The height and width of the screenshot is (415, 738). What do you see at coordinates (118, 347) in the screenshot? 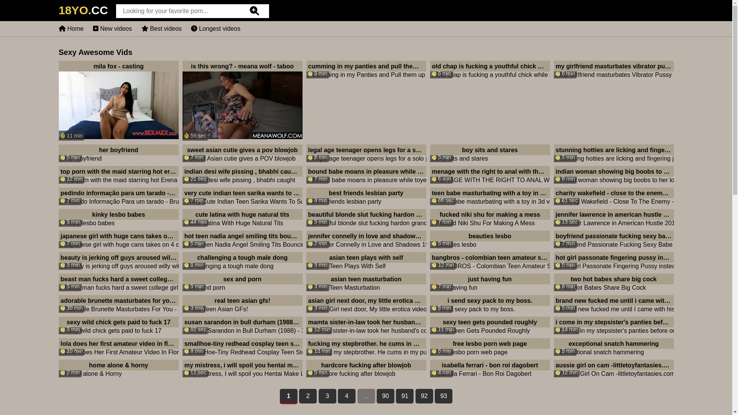
I see `'10 min` at bounding box center [118, 347].